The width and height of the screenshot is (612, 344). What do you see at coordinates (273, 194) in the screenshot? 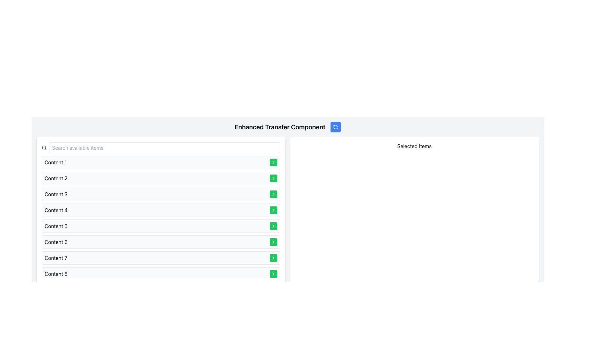
I see `the compact rectangular green button with white text and a right-pointing chevron icon located in the third row of 'Content 3' on the far right` at bounding box center [273, 194].